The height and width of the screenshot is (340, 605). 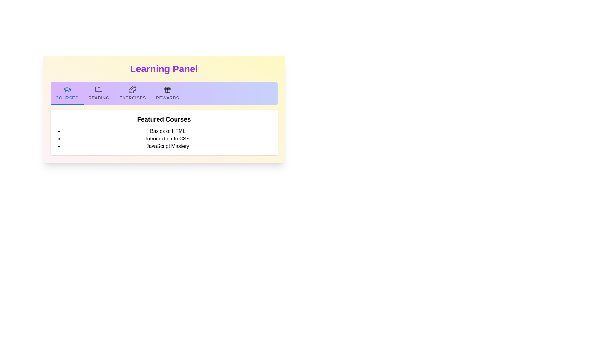 What do you see at coordinates (132, 93) in the screenshot?
I see `the 'Exercises' tab in the 'Learning Panel' navigation bar` at bounding box center [132, 93].